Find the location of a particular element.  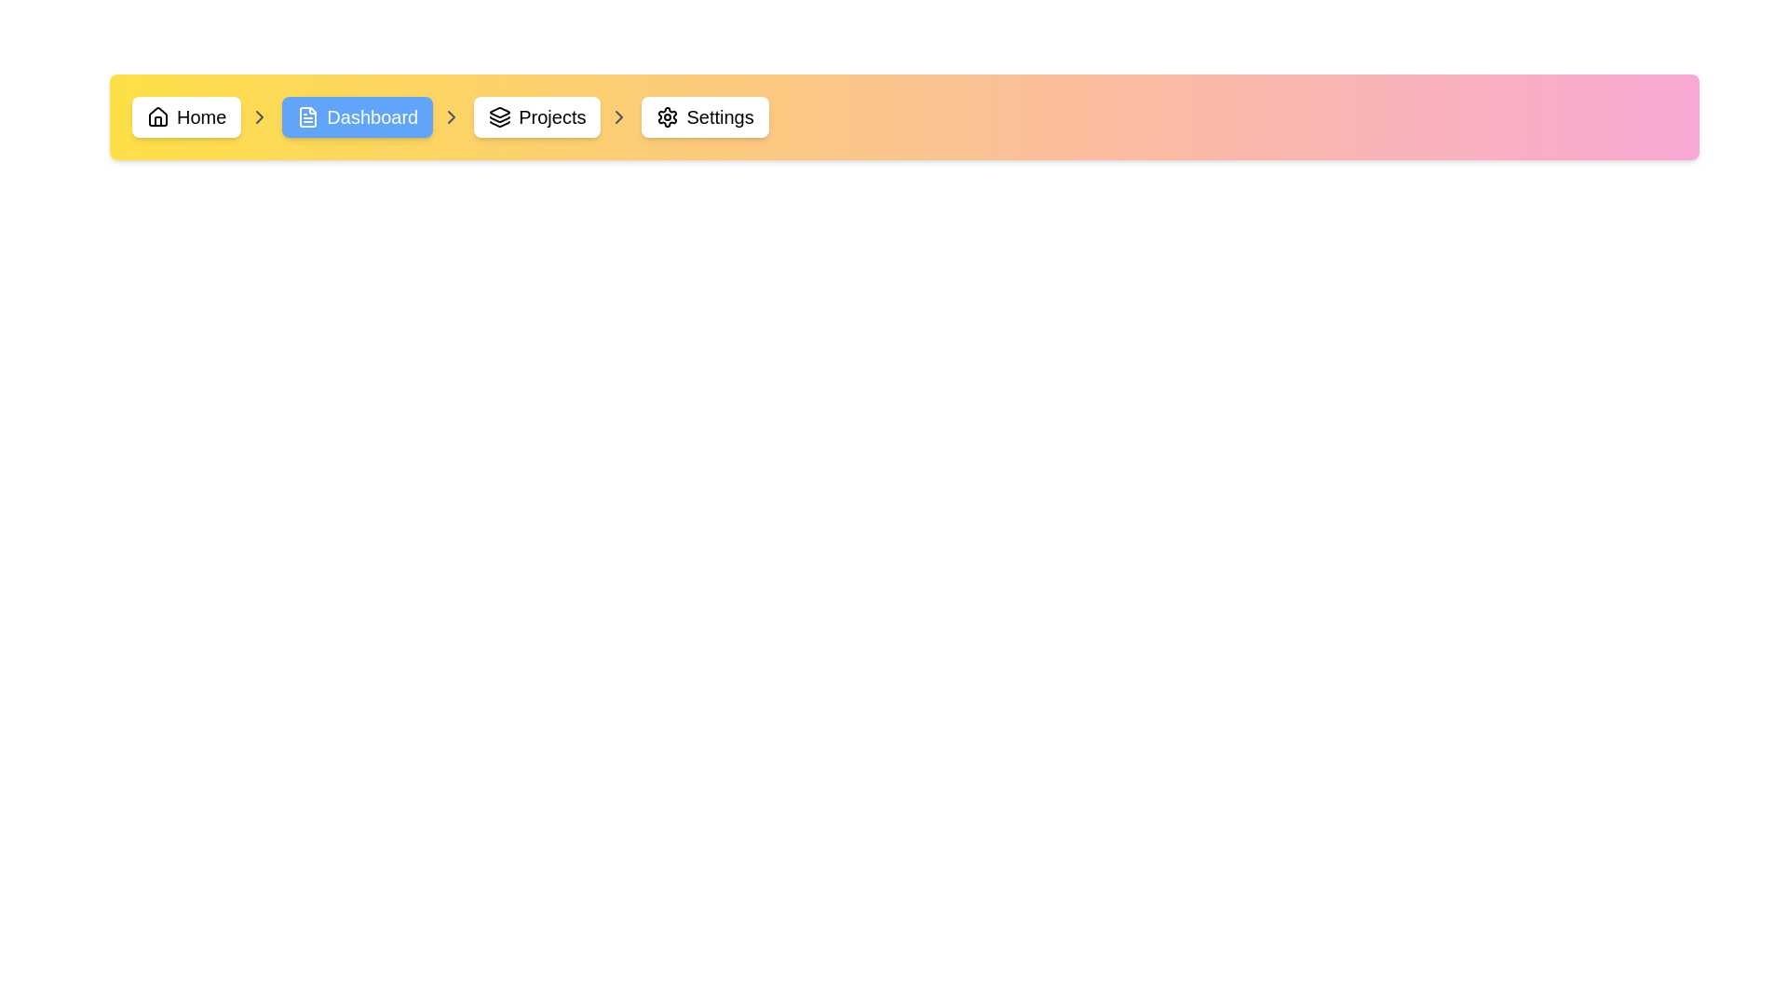

the 'Home' navigation button located at the top-left of the breadcrumb navigation bar for keyboard navigation is located at coordinates (201, 117).